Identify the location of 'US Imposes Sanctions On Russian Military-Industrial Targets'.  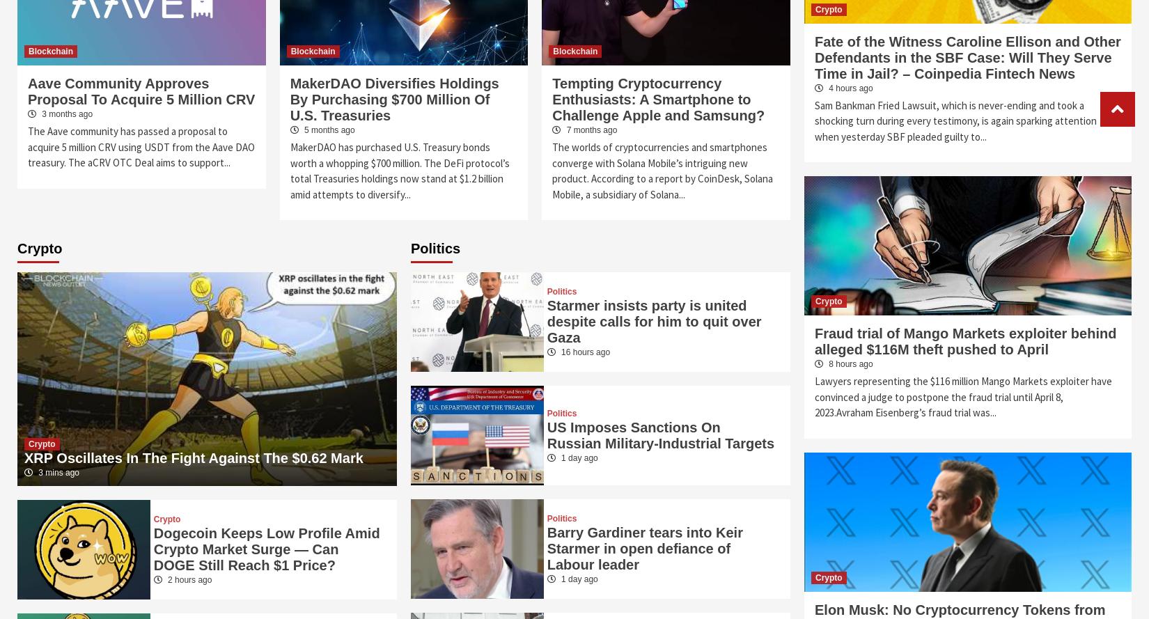
(660, 434).